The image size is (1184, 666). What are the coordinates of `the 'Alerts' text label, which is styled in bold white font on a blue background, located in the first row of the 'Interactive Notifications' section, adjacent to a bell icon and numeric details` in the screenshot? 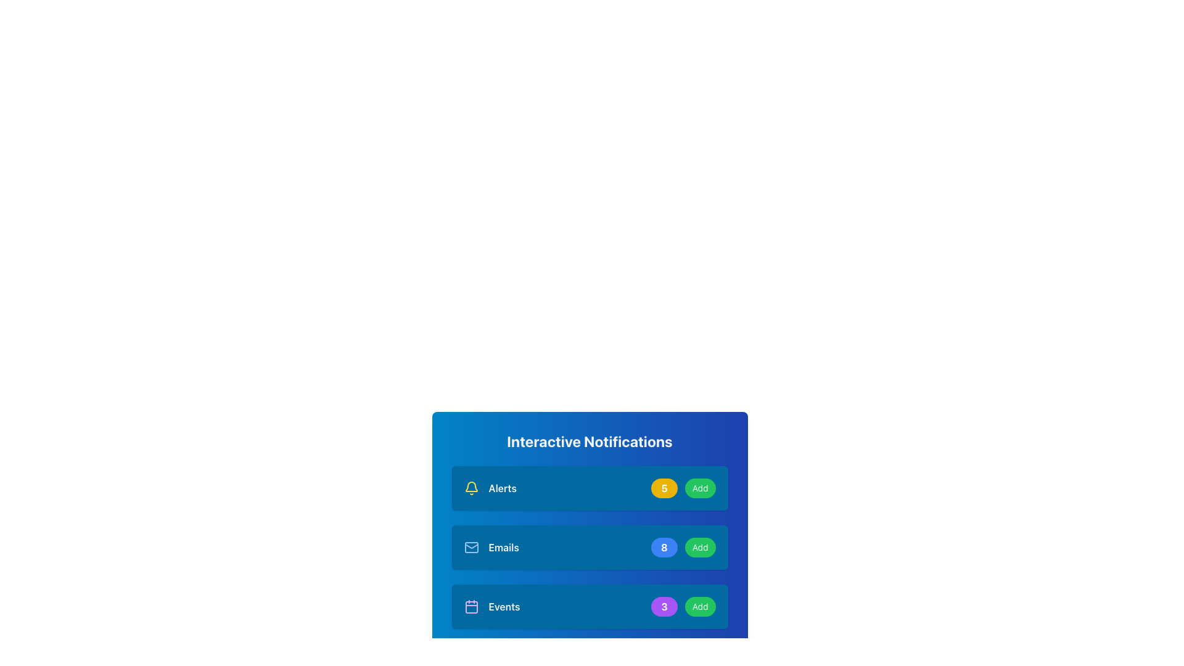 It's located at (503, 487).